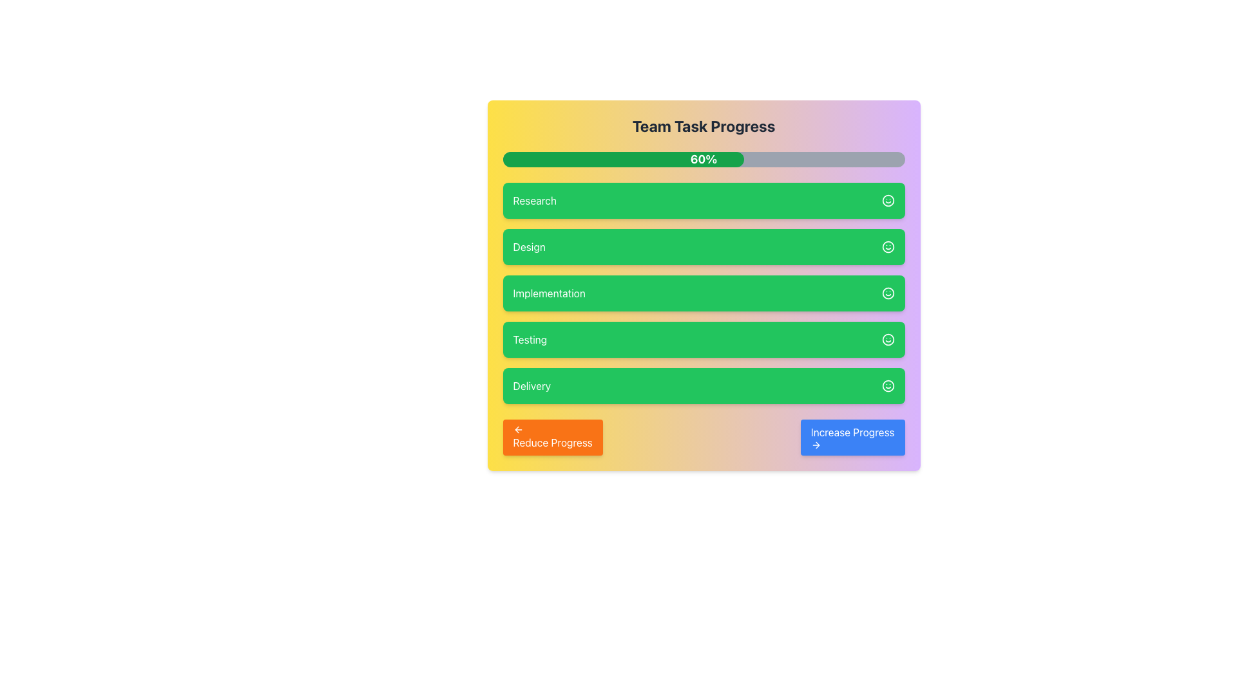 The image size is (1237, 695). I want to click on the 'Delivery' text label located in the lower part of the interface, which signifies a section or status within a green rectangle among a list of similar elements, so click(532, 385).